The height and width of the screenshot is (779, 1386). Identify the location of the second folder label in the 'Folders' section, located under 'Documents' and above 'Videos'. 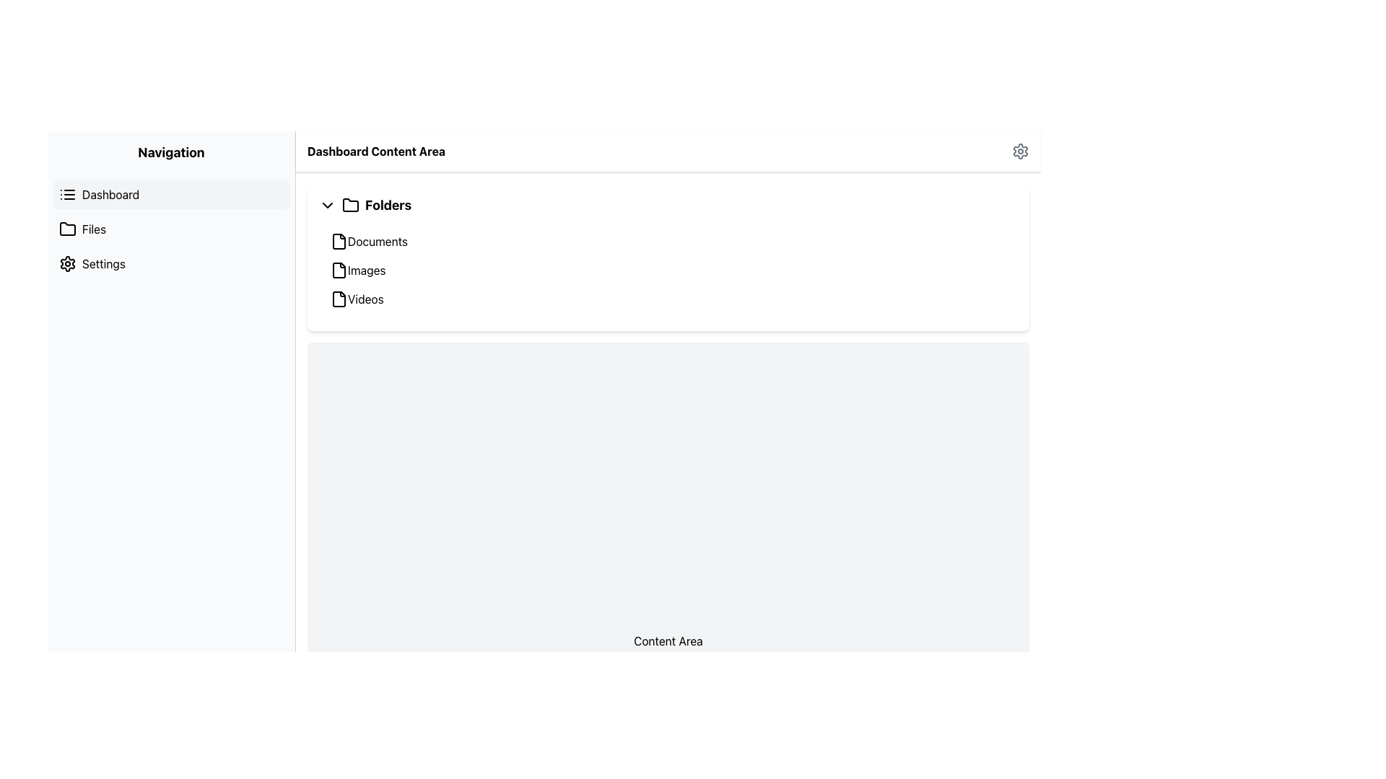
(367, 270).